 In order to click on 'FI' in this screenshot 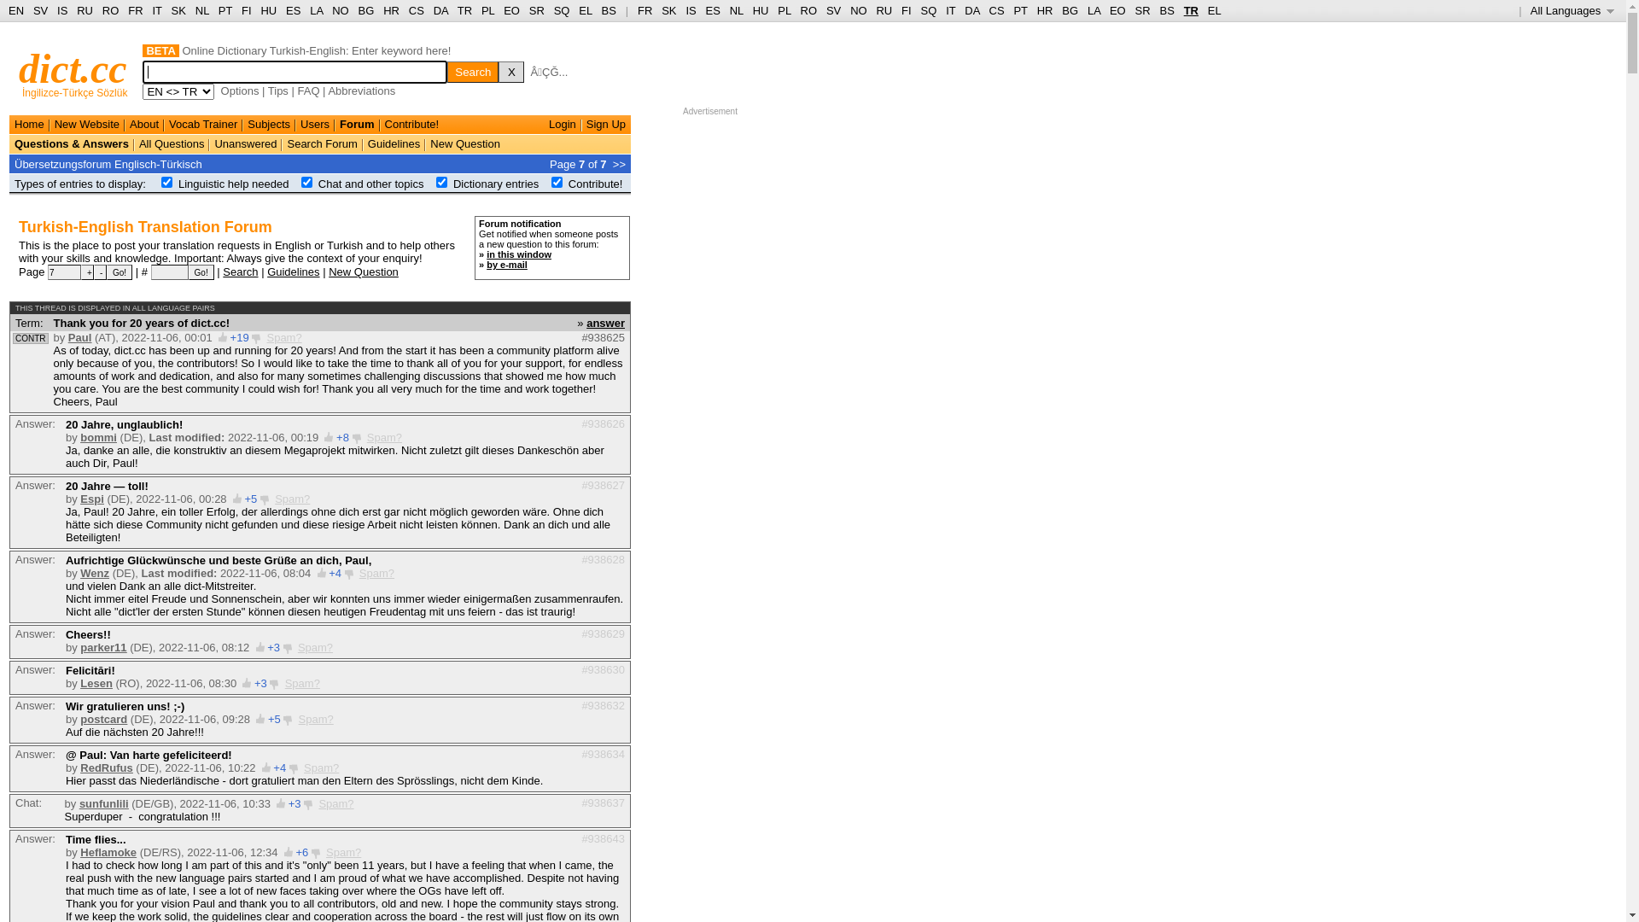, I will do `click(241, 10)`.